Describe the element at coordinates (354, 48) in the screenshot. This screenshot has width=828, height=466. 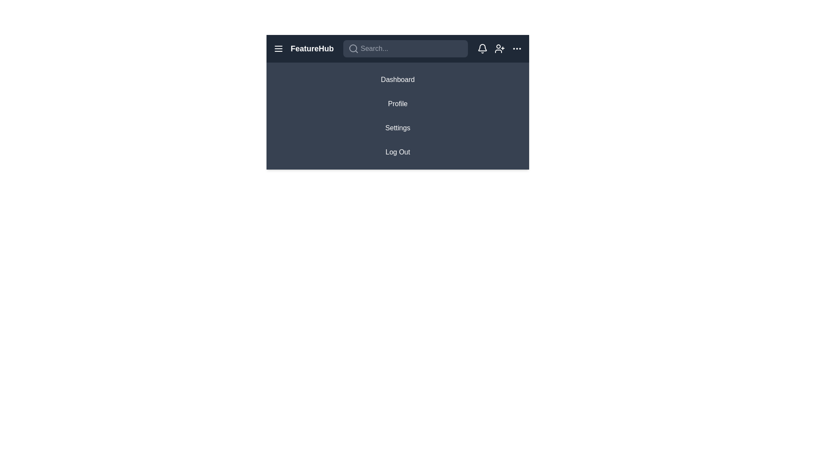
I see `the magnifying glass icon located on the left side inside the search bar field in the header of the interface` at that location.